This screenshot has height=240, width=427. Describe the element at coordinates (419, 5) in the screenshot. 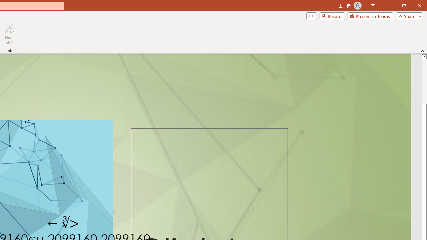

I see `'Close'` at that location.